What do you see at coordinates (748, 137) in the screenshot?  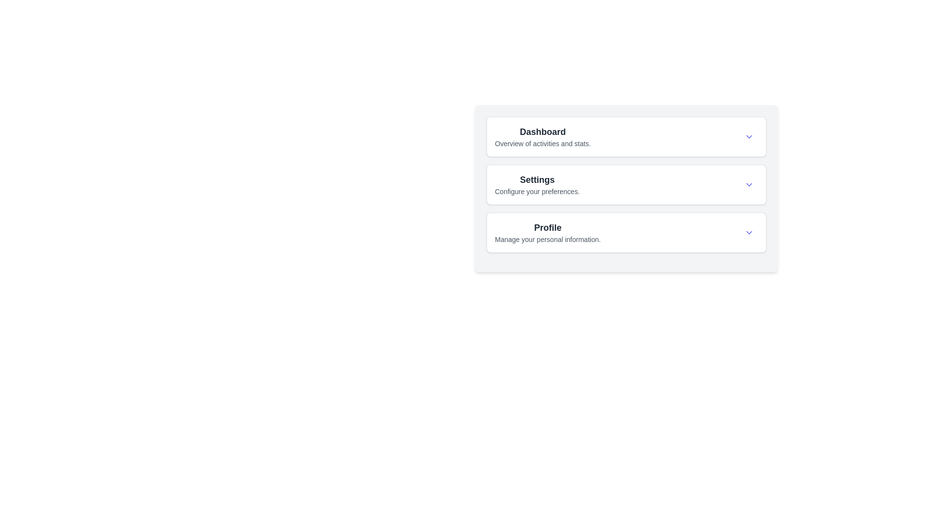 I see `the expand/collapse icon for the 'Dashboard' section` at bounding box center [748, 137].